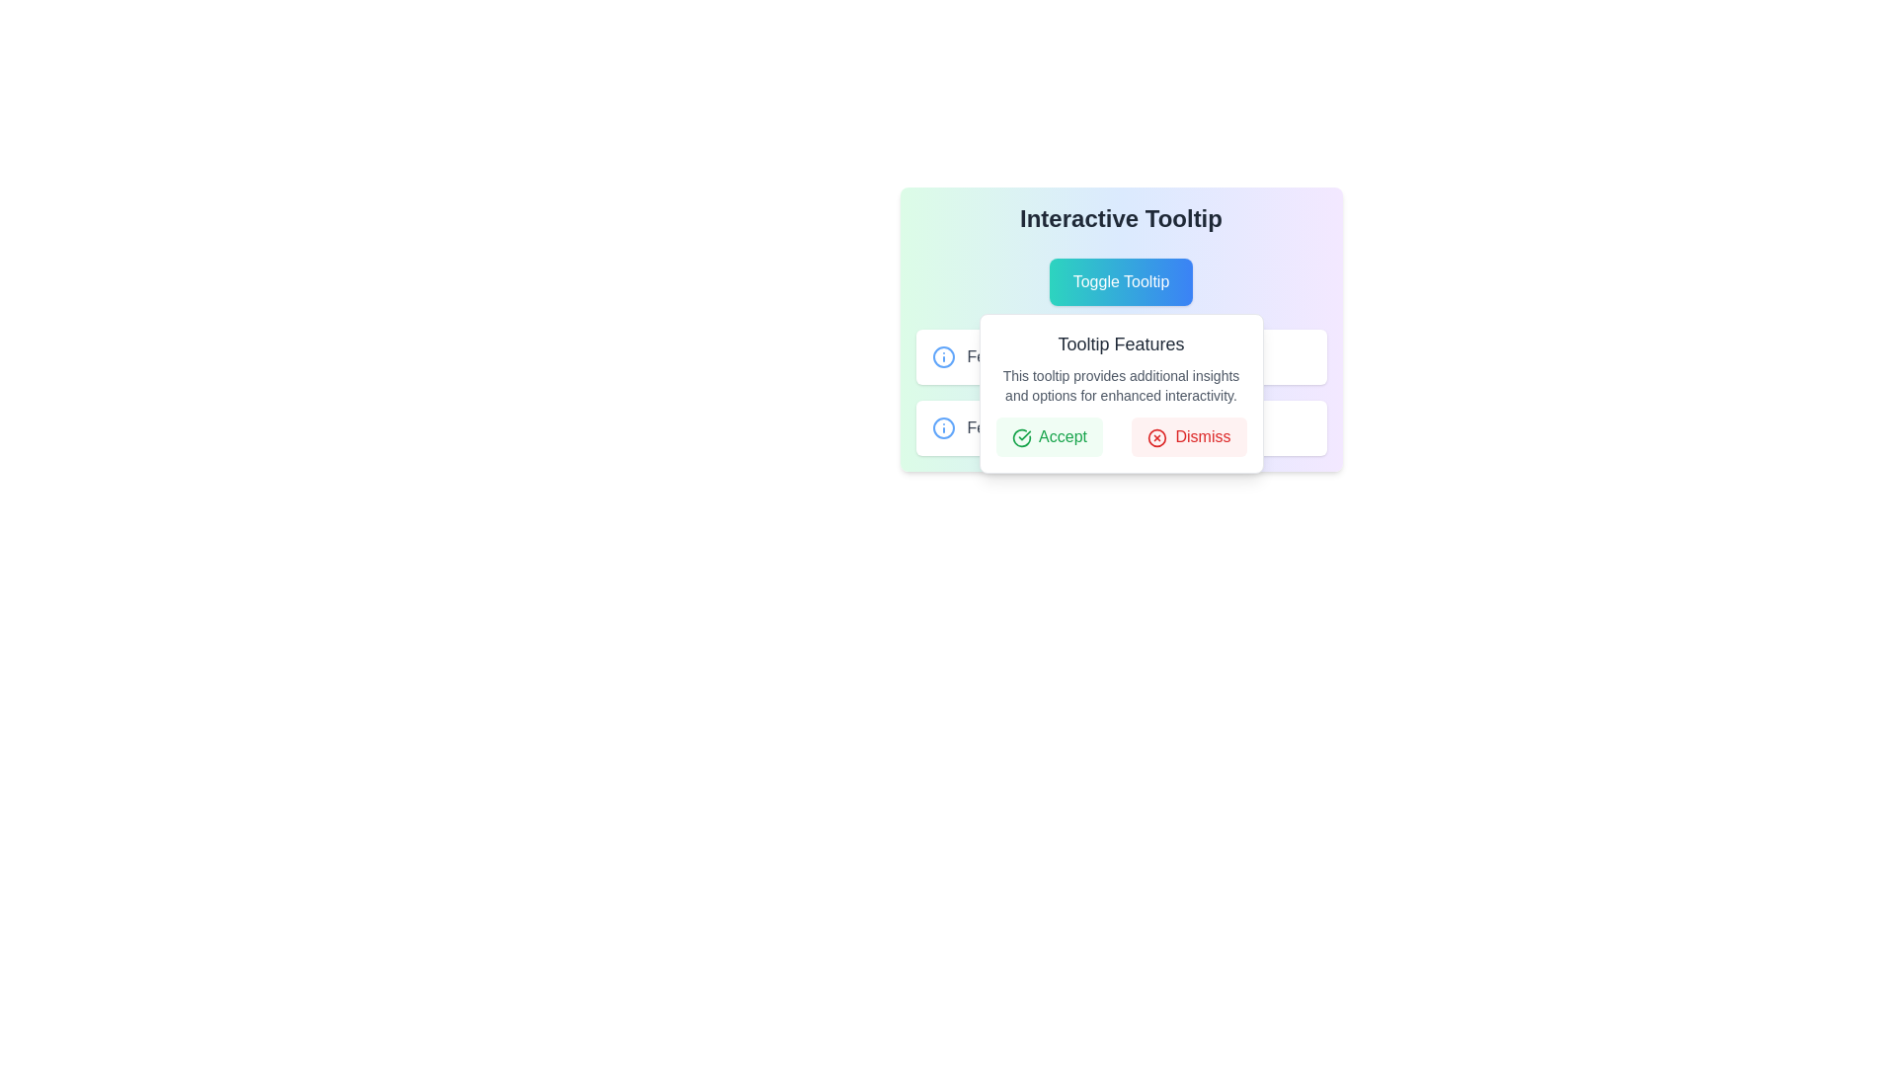 This screenshot has width=1896, height=1066. I want to click on the informational icon related to 'Feature 1', so click(942, 357).